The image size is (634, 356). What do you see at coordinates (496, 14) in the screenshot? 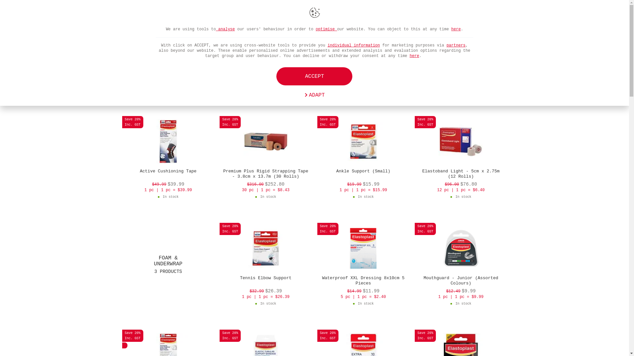
I see `'Action'` at bounding box center [496, 14].